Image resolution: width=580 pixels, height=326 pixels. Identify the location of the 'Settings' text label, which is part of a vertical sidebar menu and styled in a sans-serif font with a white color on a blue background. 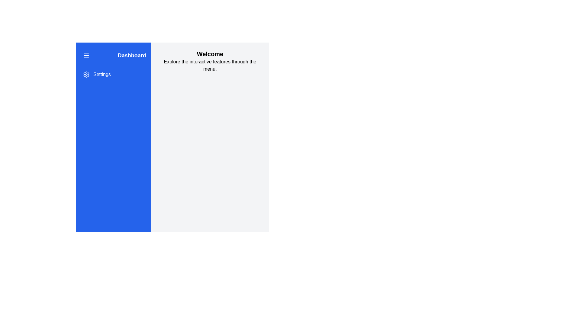
(102, 74).